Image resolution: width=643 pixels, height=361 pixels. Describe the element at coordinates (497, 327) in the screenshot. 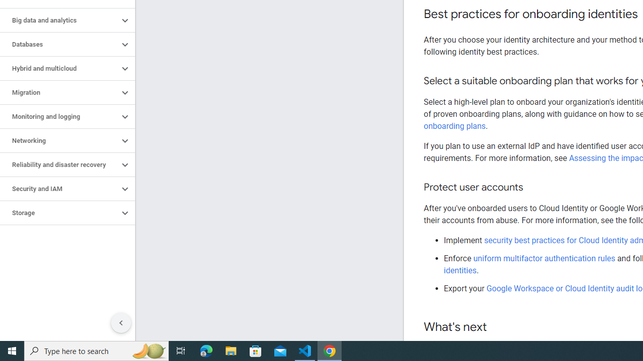

I see `'Copy link to this section: What'` at that location.